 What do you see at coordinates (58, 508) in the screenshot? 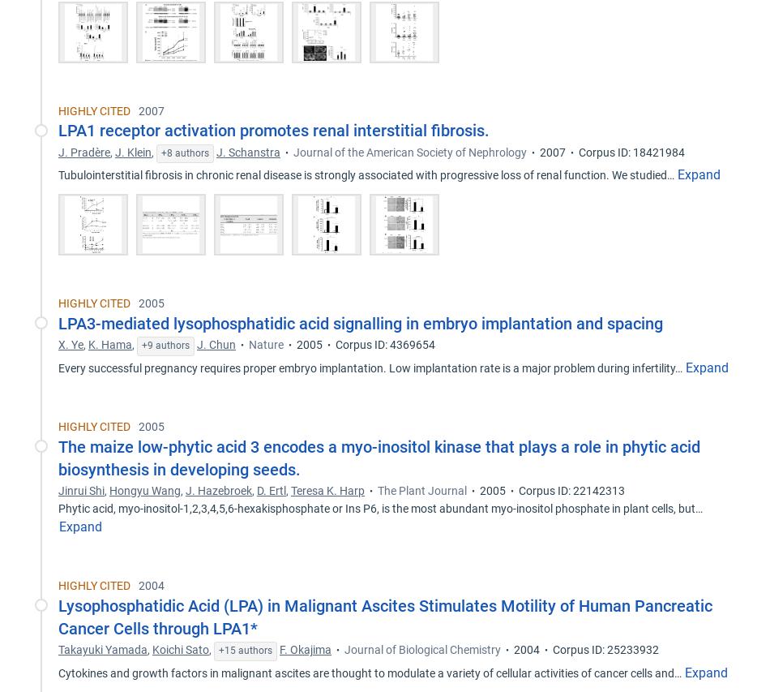
I see `'Phytic acid, myo-inositol-1,2,3,4,5,6-hexakisphosphate or Ins P6, is the most abundant myo-inositol phosphate in plant cells, but…'` at bounding box center [58, 508].